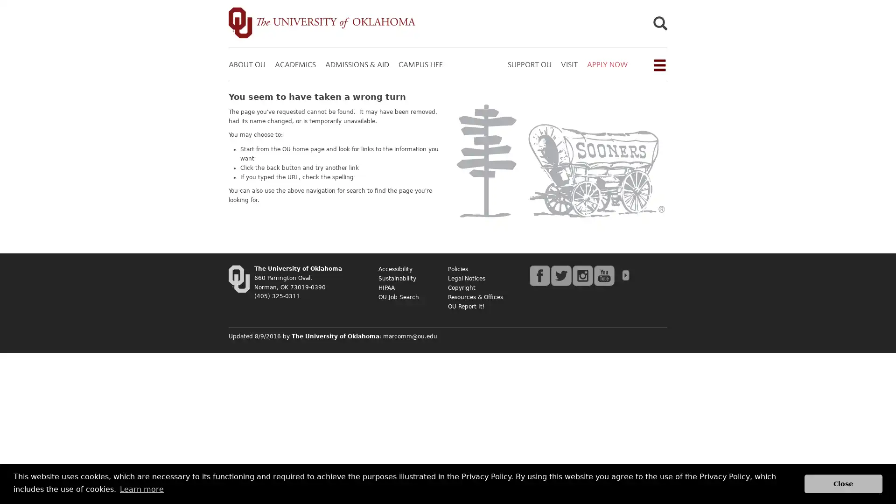 The image size is (896, 504). Describe the element at coordinates (141, 489) in the screenshot. I see `learn more about cookies` at that location.